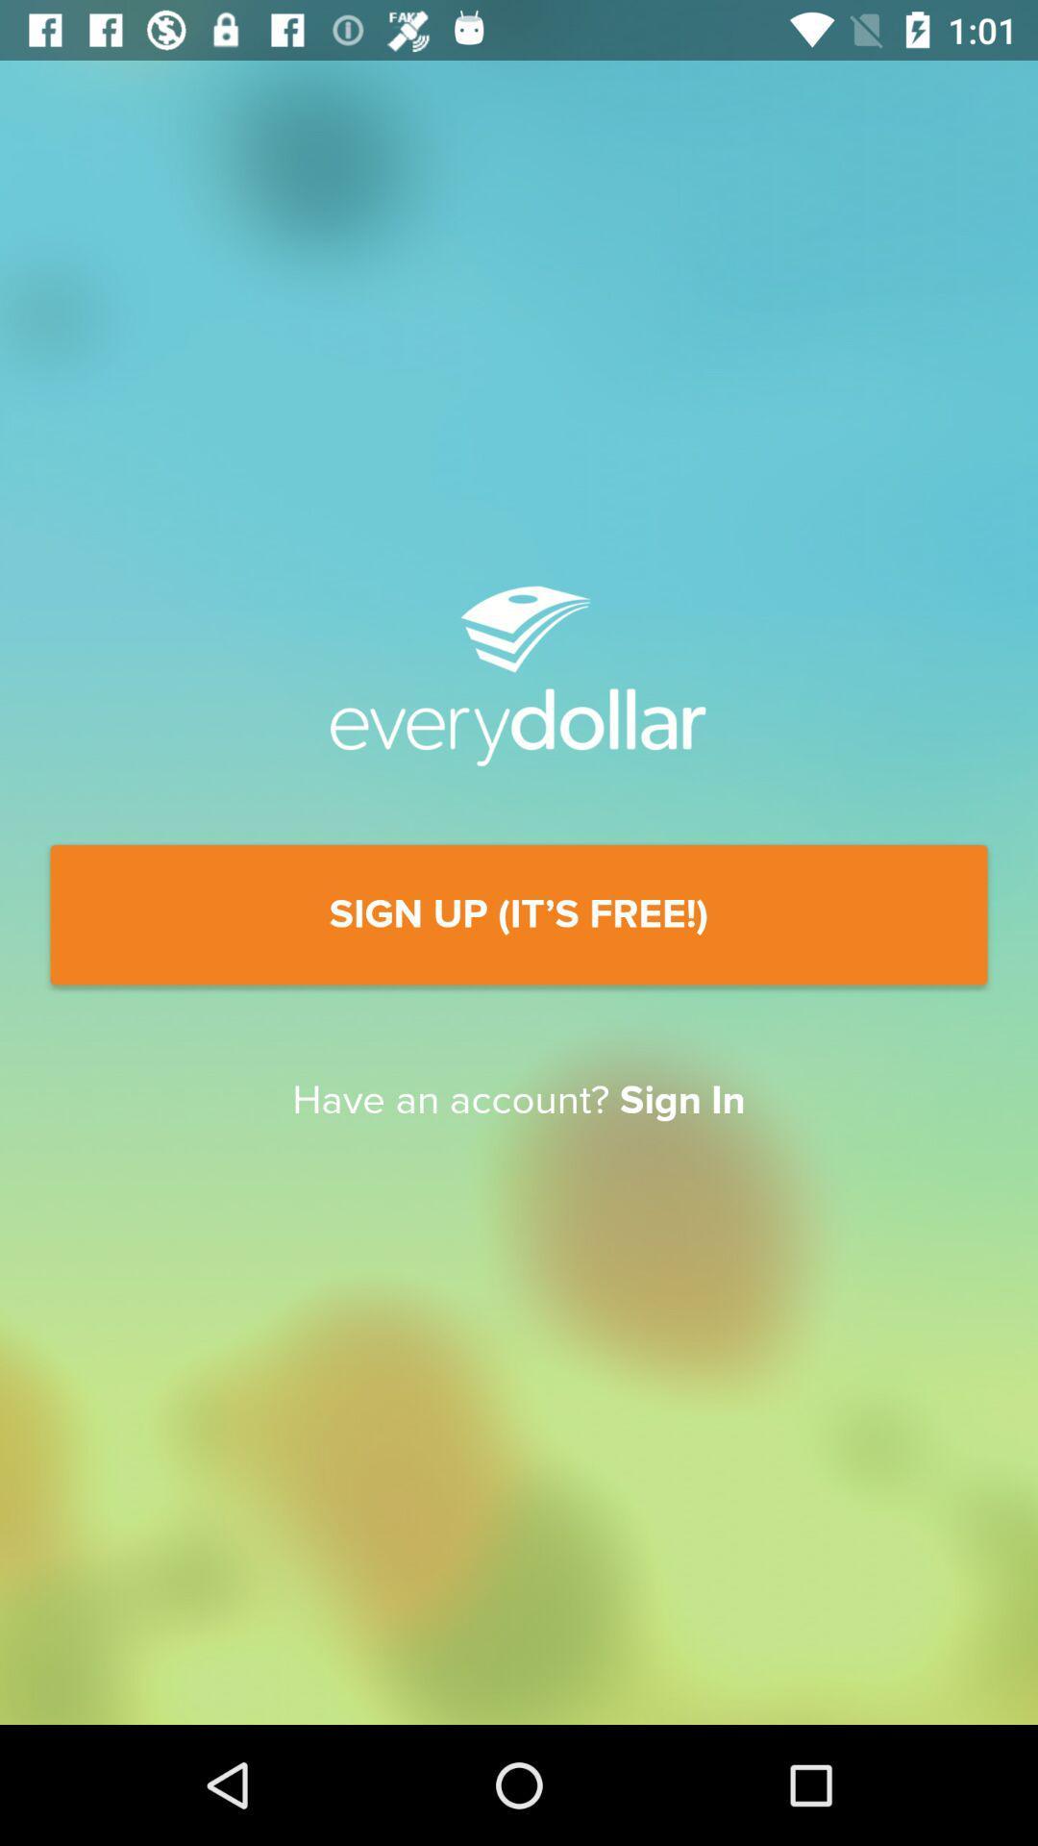 Image resolution: width=1038 pixels, height=1846 pixels. What do you see at coordinates (519, 913) in the screenshot?
I see `the sign up it item` at bounding box center [519, 913].